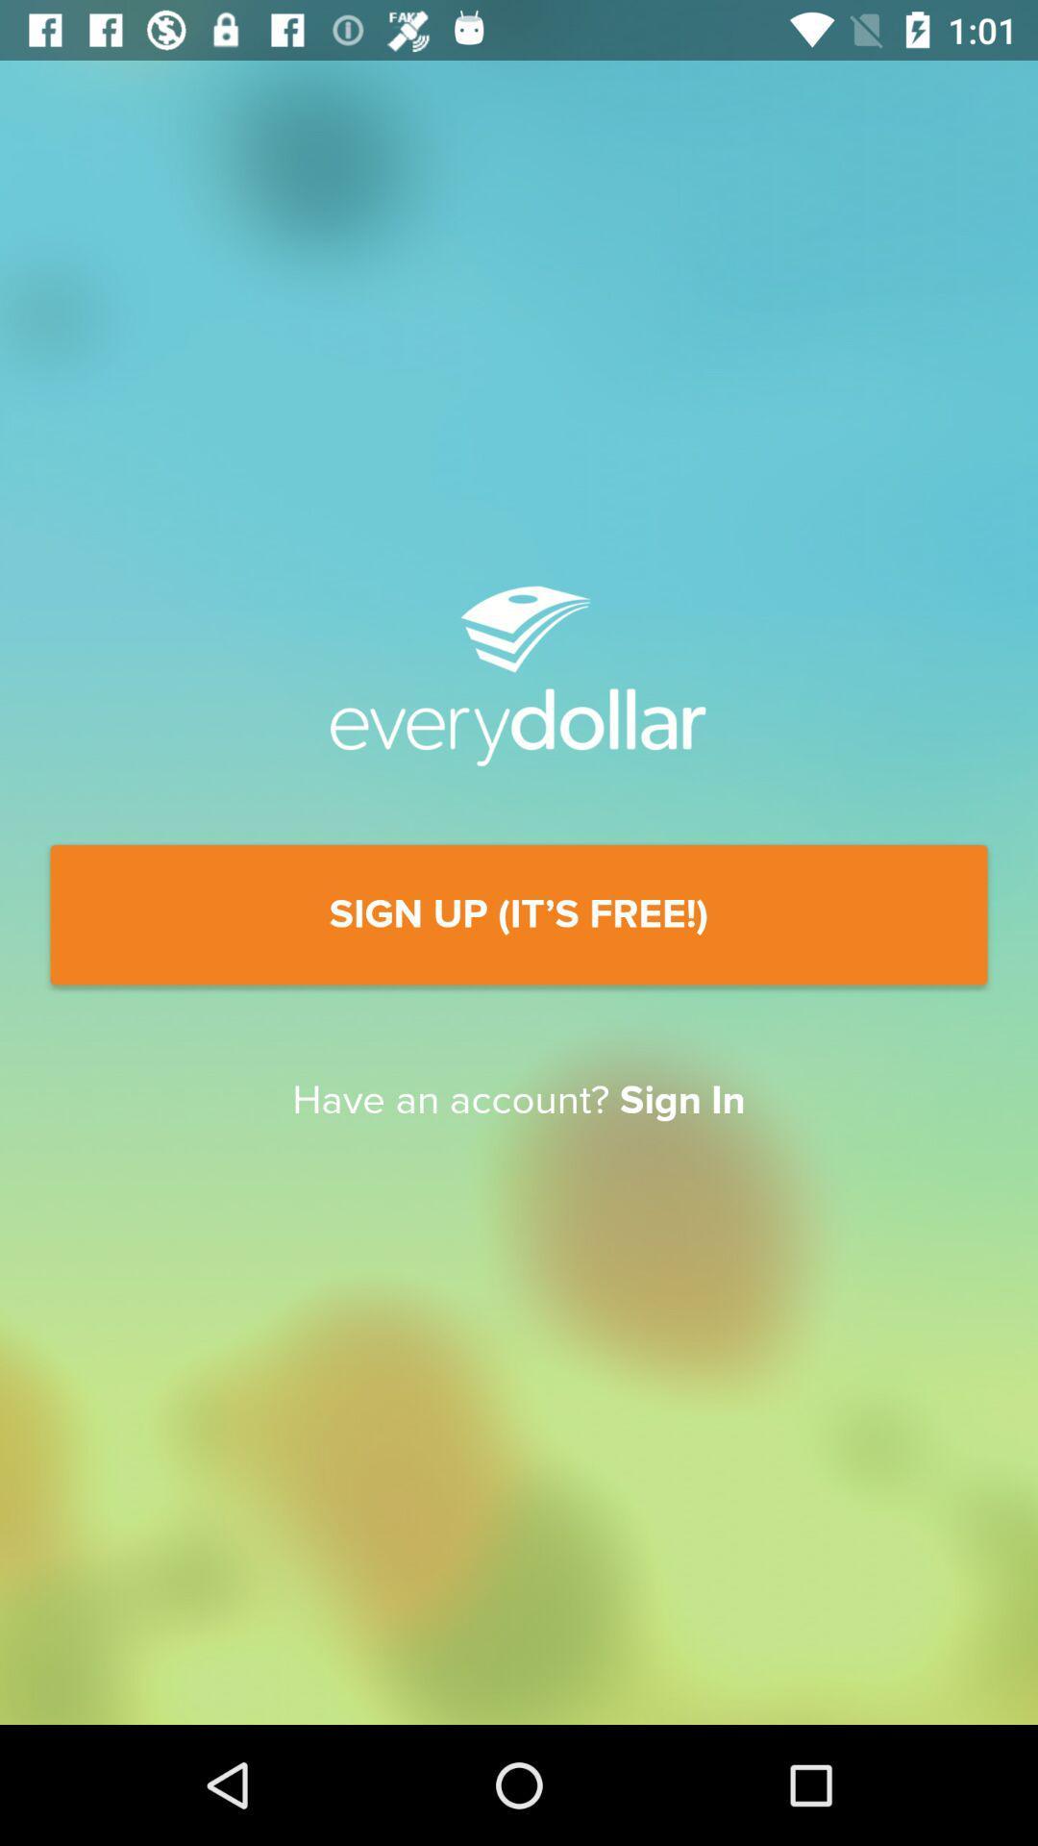 Image resolution: width=1038 pixels, height=1846 pixels. What do you see at coordinates (519, 913) in the screenshot?
I see `the sign up it item` at bounding box center [519, 913].